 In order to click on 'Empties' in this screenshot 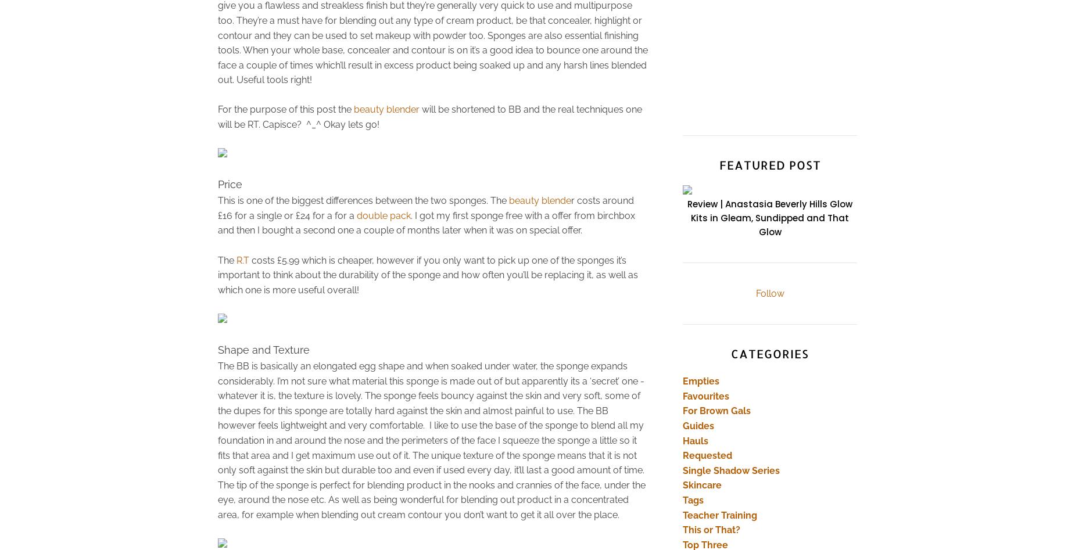, I will do `click(700, 381)`.